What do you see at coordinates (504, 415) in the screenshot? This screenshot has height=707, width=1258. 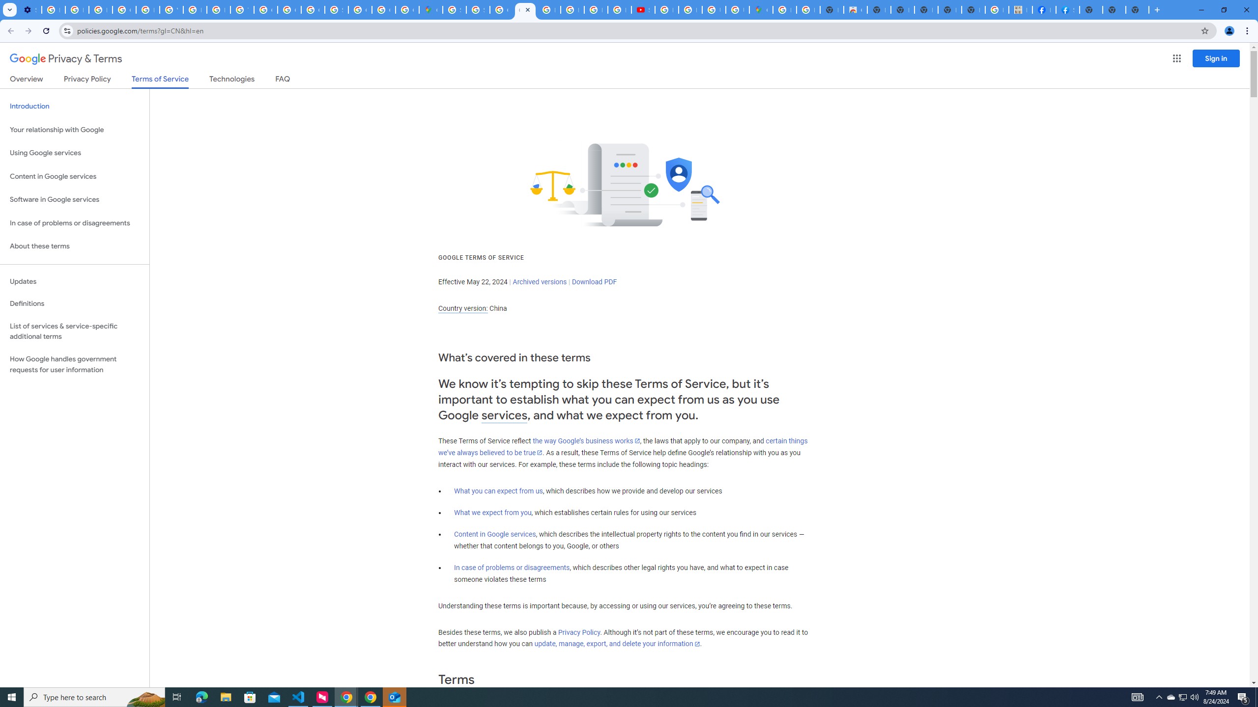 I see `'services'` at bounding box center [504, 415].